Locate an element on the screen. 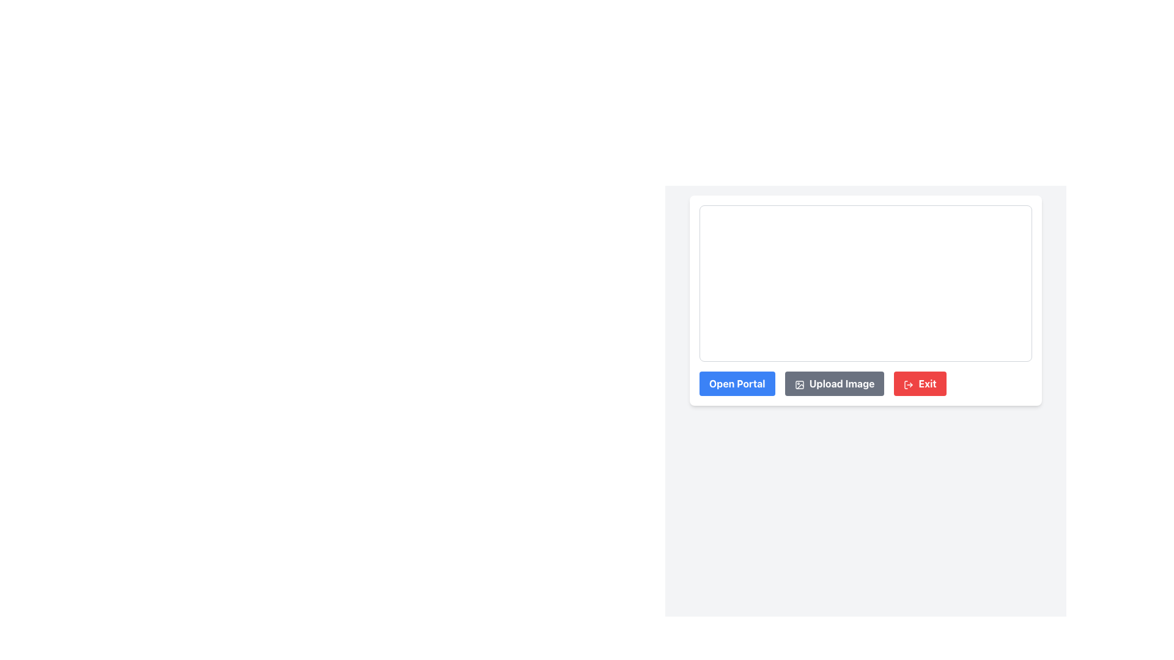 The width and height of the screenshot is (1174, 660). the icon that serves as a visual representation for the 'Upload Image' button, located to the left of the button's text is located at coordinates (799, 384).